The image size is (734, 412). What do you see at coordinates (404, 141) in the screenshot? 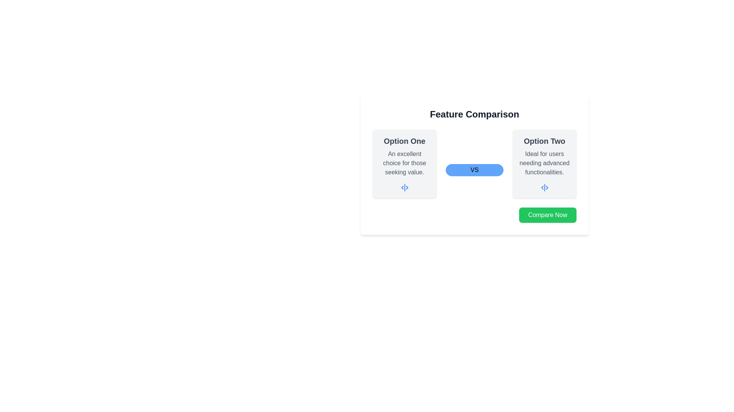
I see `text from the Text Label that displays 'Option One' in large, bold, and dark gray font, positioned at the top of a card in the comparison section` at bounding box center [404, 141].